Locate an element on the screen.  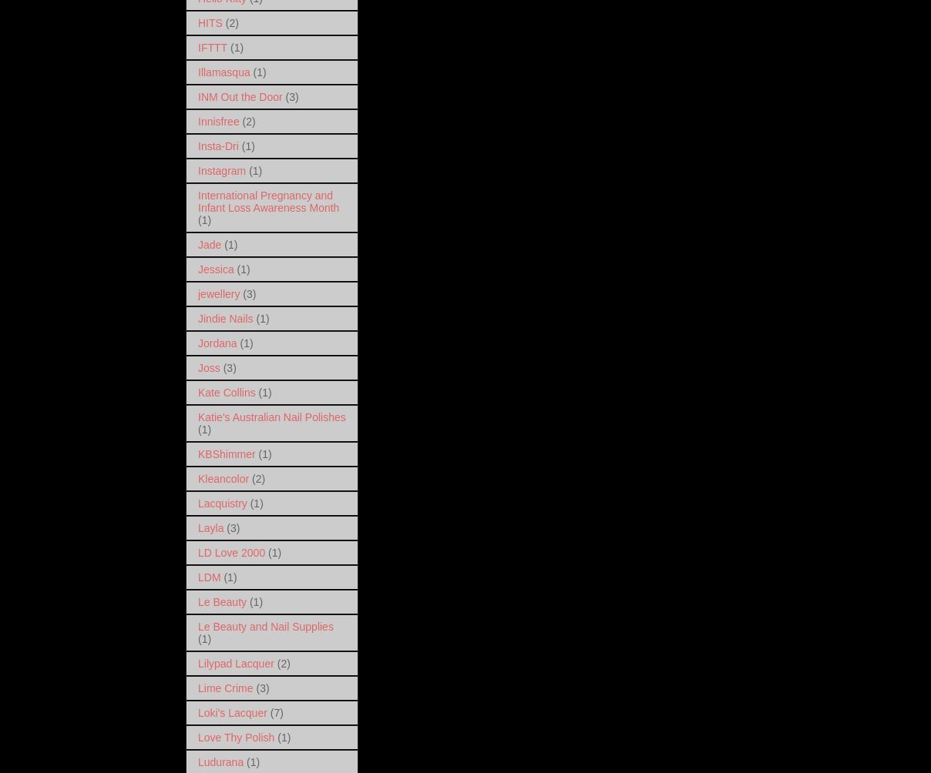
'(7)' is located at coordinates (275, 711).